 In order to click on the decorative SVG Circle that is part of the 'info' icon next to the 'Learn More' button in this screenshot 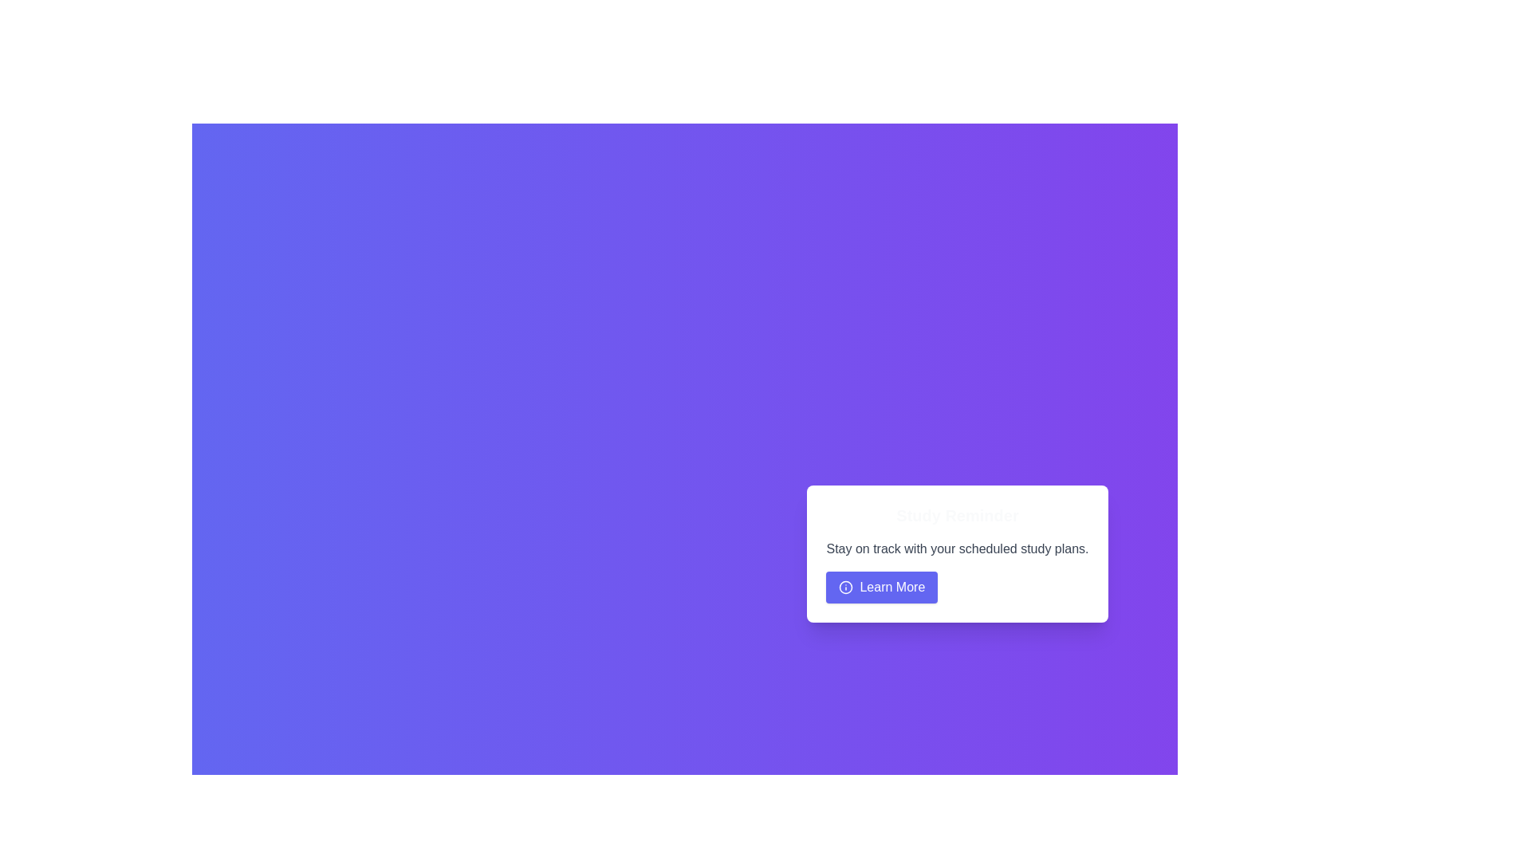, I will do `click(845, 587)`.